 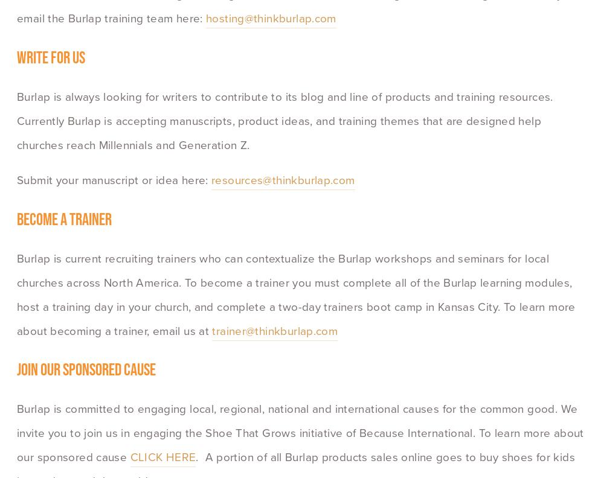 What do you see at coordinates (302, 432) in the screenshot?
I see `'Burlap is committed to engaging local, regional, national and international causes for the common good. We invite you to join us in engaging the Shoe That Grows initiative of Because International. To learn more about our sponsored cause'` at bounding box center [302, 432].